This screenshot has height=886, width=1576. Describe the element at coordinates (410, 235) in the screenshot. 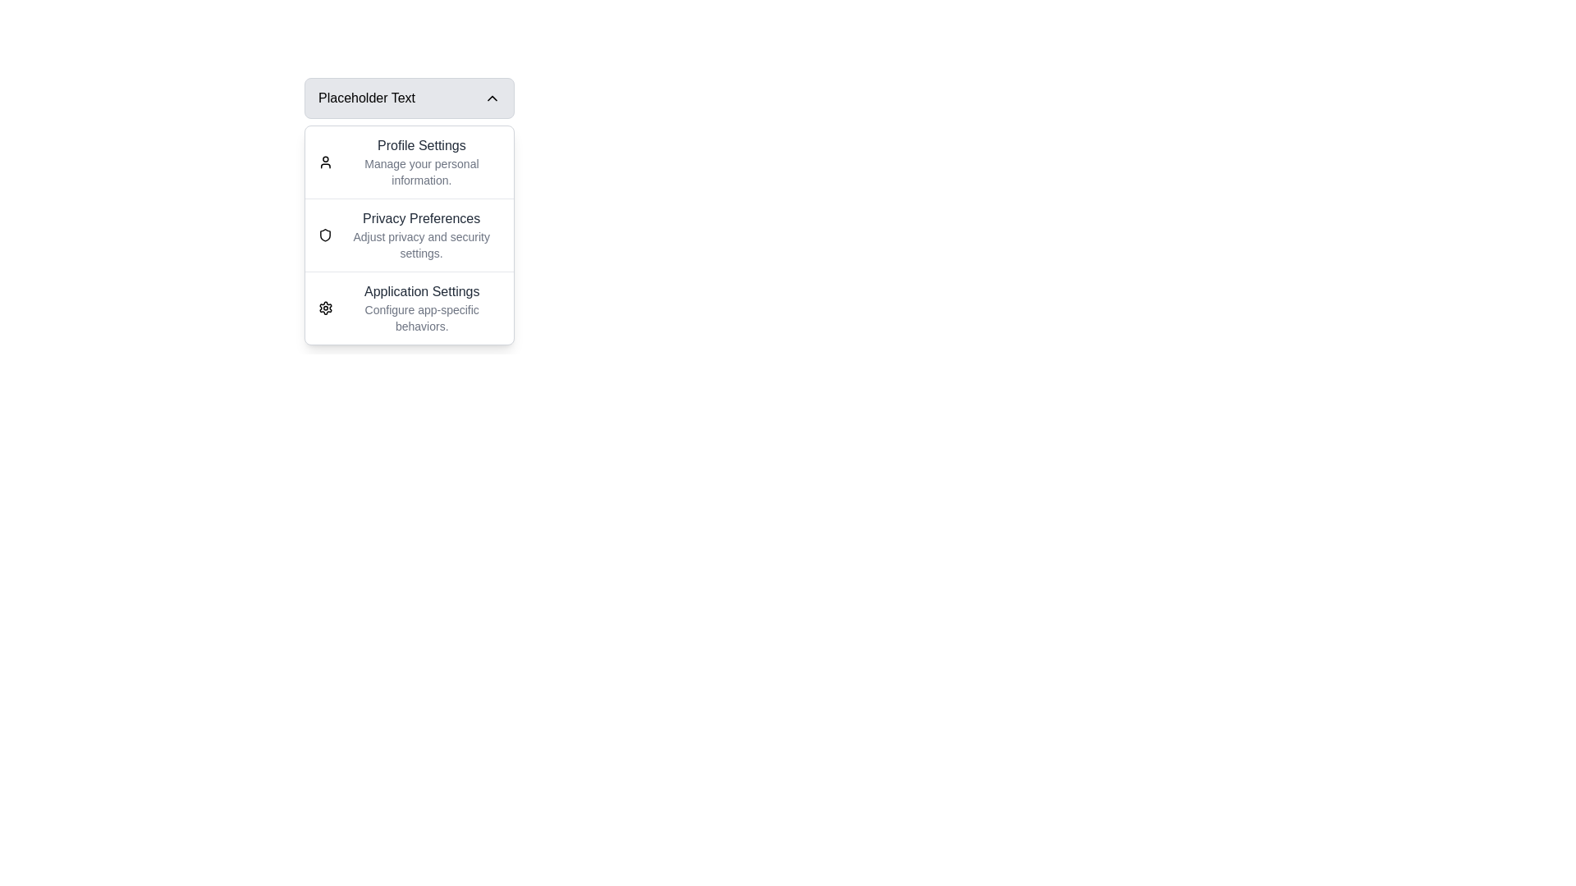

I see `the List of selectable items located below the 'Placeholder Text' header` at that location.